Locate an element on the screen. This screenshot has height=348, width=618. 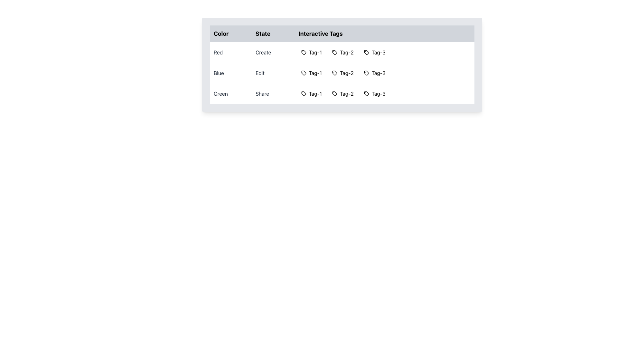
the tags in the second row of the structured table, which contains a blue-colored 'Edit' button for editing actions associated with the tags is located at coordinates (342, 73).